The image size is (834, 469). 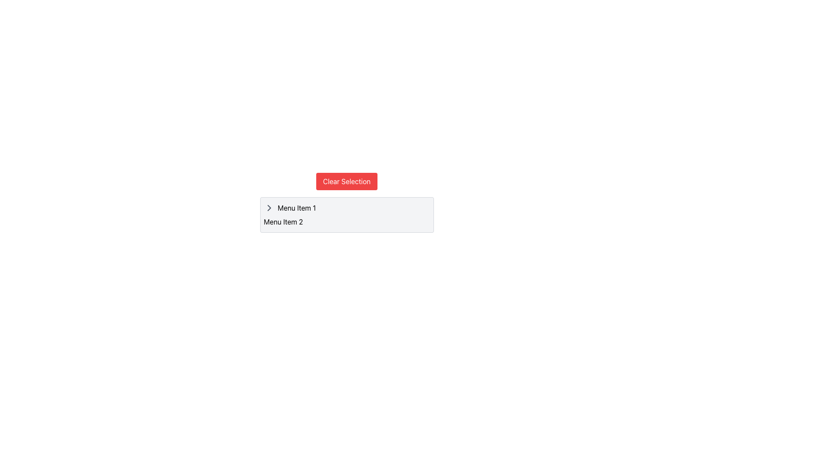 What do you see at coordinates (346, 202) in the screenshot?
I see `the items in the dropdown menu` at bounding box center [346, 202].